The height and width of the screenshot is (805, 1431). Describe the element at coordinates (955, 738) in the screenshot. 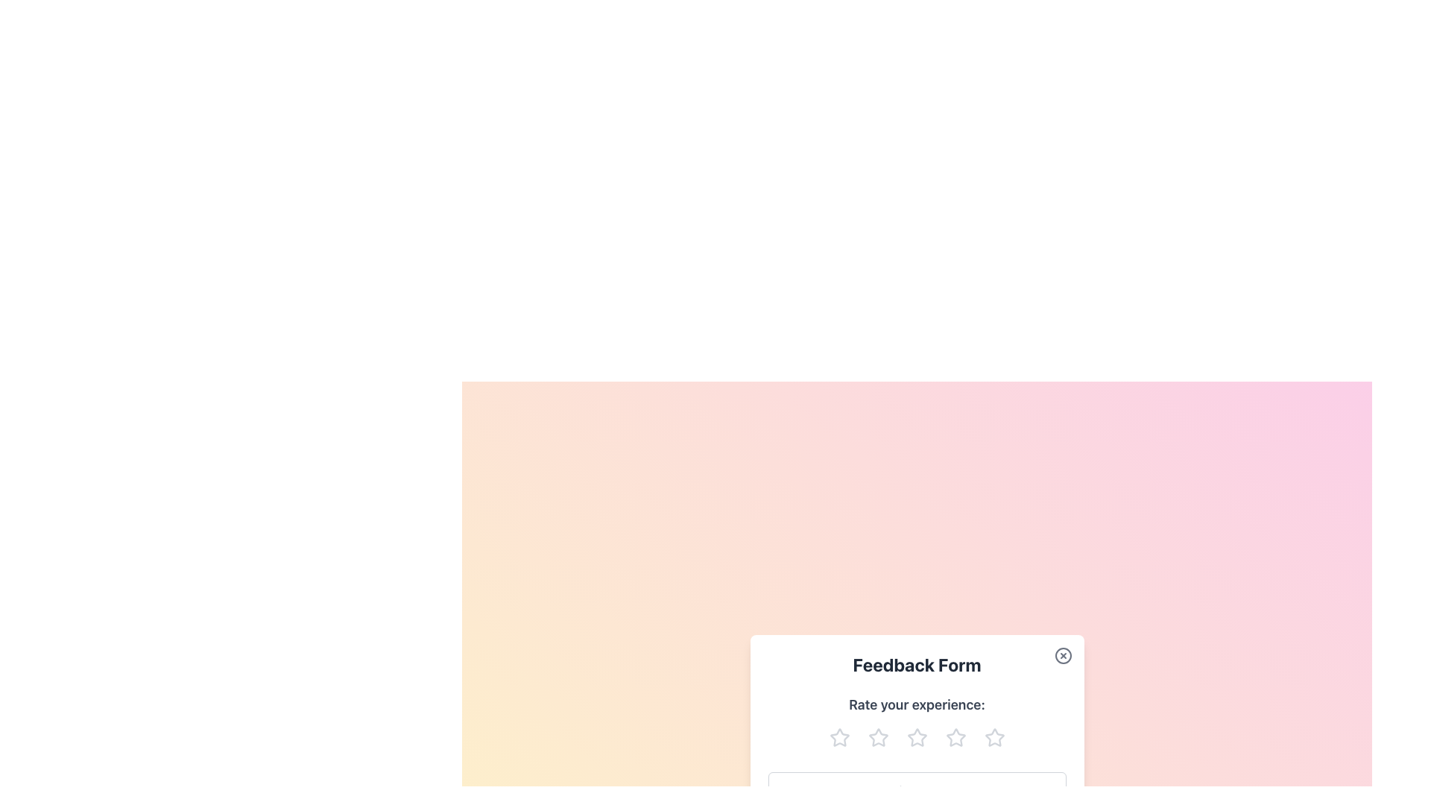

I see `the fifth graphical star icon in the rating scale` at that location.